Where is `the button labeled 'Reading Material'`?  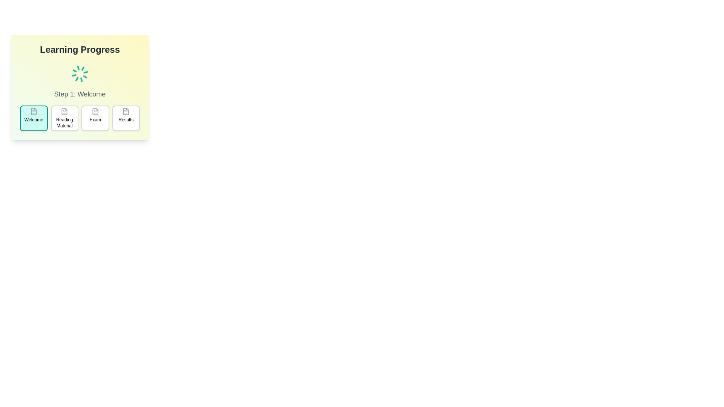 the button labeled 'Reading Material' is located at coordinates (64, 118).